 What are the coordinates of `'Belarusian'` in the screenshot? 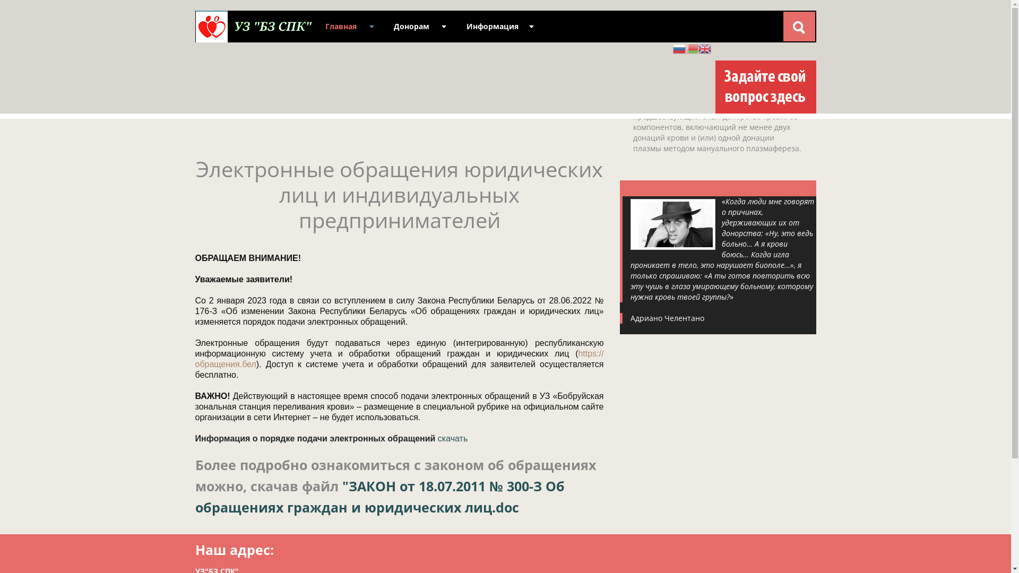 It's located at (692, 48).